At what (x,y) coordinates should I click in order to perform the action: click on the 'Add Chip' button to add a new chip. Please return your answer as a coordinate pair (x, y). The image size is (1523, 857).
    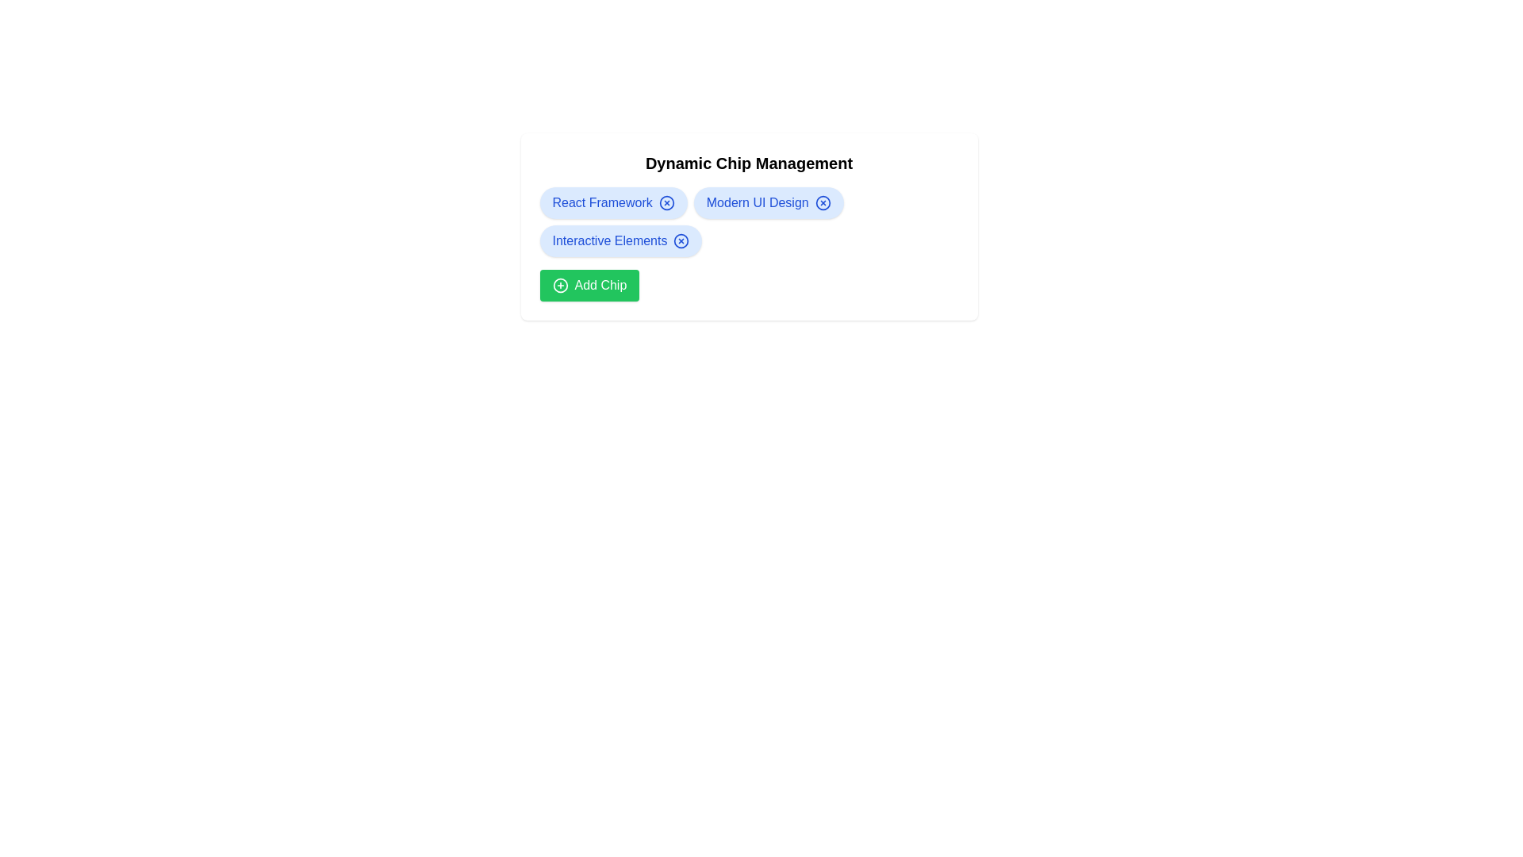
    Looking at the image, I should click on (589, 284).